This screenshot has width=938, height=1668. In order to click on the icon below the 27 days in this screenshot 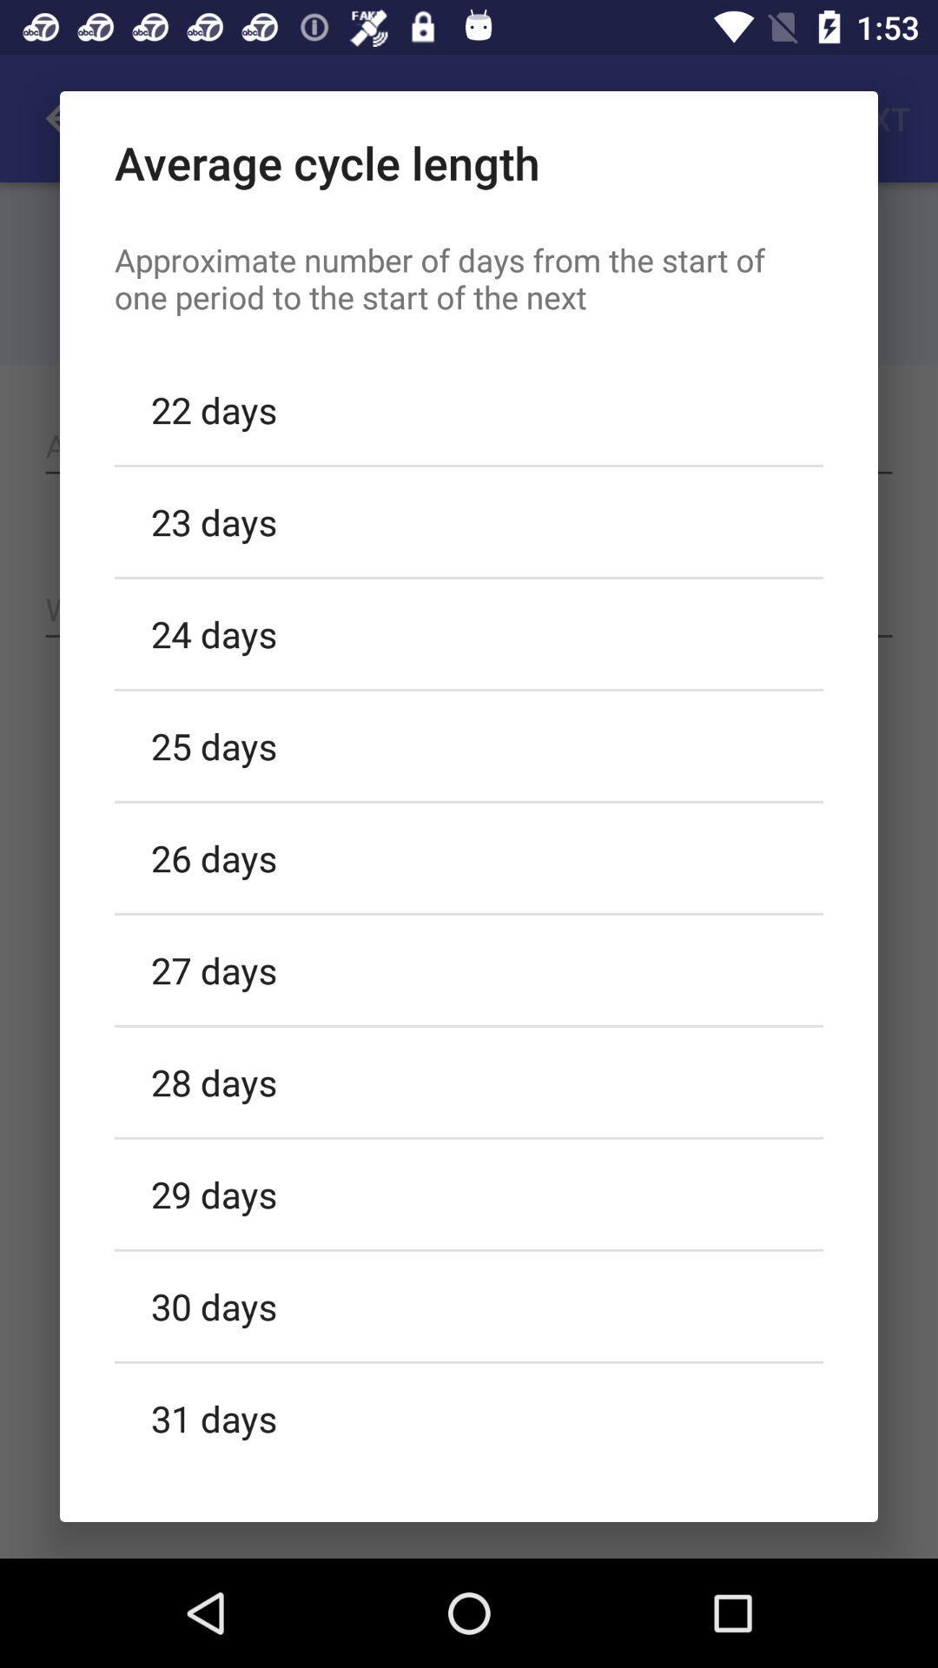, I will do `click(469, 1081)`.